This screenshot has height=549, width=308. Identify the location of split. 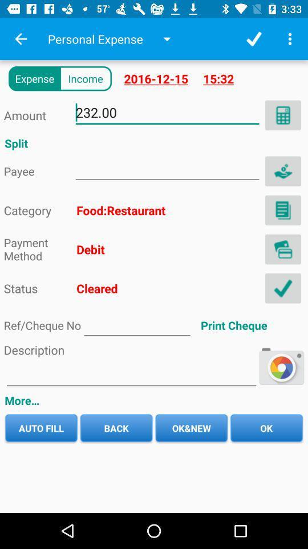
(167, 168).